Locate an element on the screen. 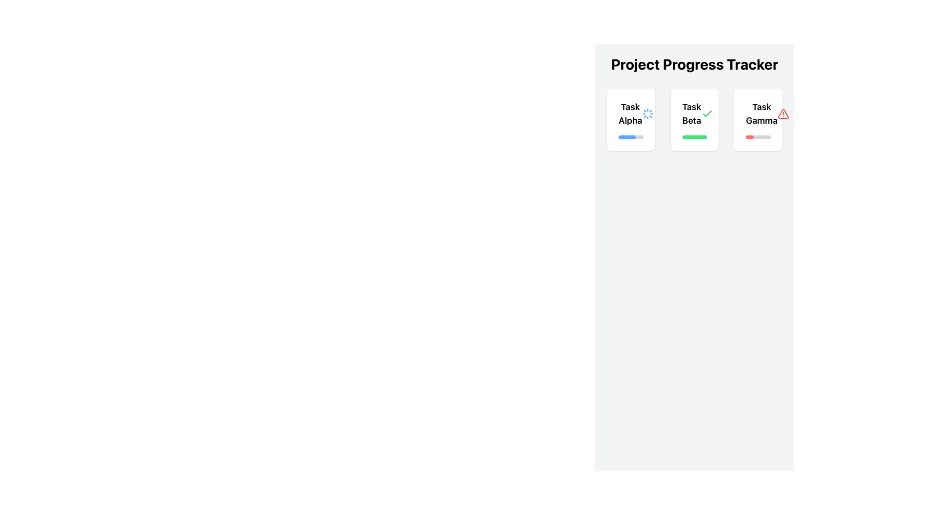  text 'Task Alpha' from the bold text label located in the leftmost card under 'Project Progress Tracker' is located at coordinates (631, 113).